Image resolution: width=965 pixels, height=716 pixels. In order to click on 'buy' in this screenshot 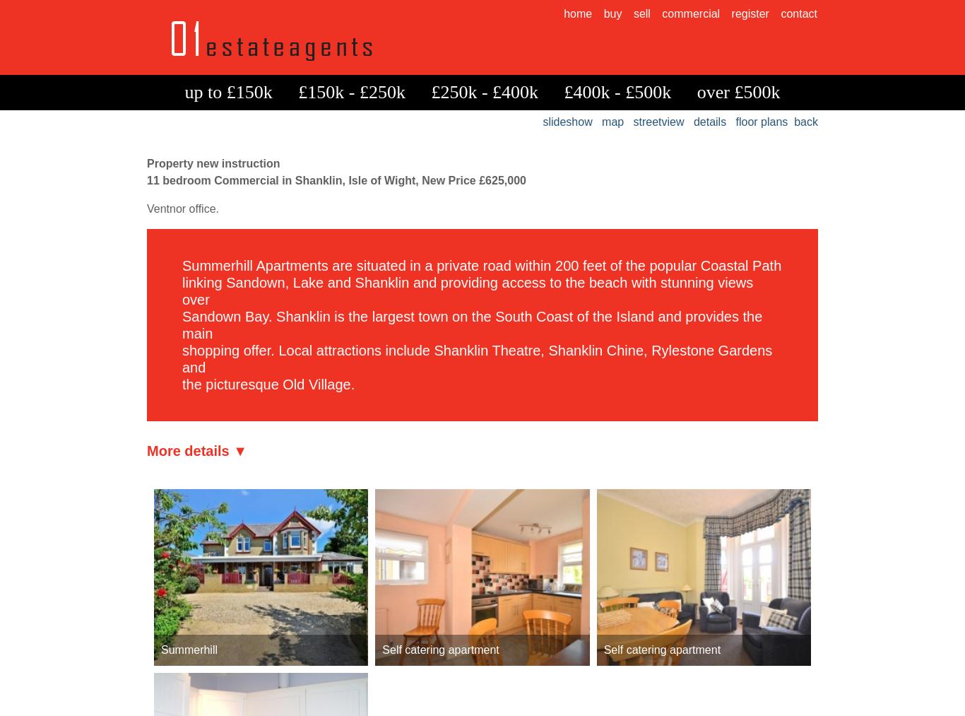, I will do `click(612, 13)`.